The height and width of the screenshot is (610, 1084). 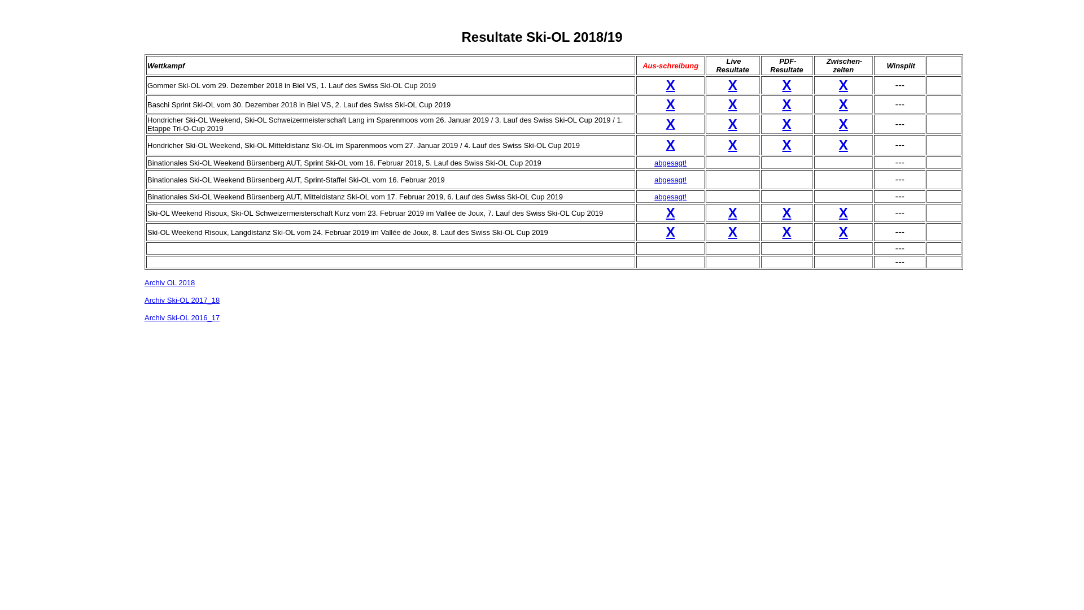 What do you see at coordinates (843, 104) in the screenshot?
I see `'X'` at bounding box center [843, 104].